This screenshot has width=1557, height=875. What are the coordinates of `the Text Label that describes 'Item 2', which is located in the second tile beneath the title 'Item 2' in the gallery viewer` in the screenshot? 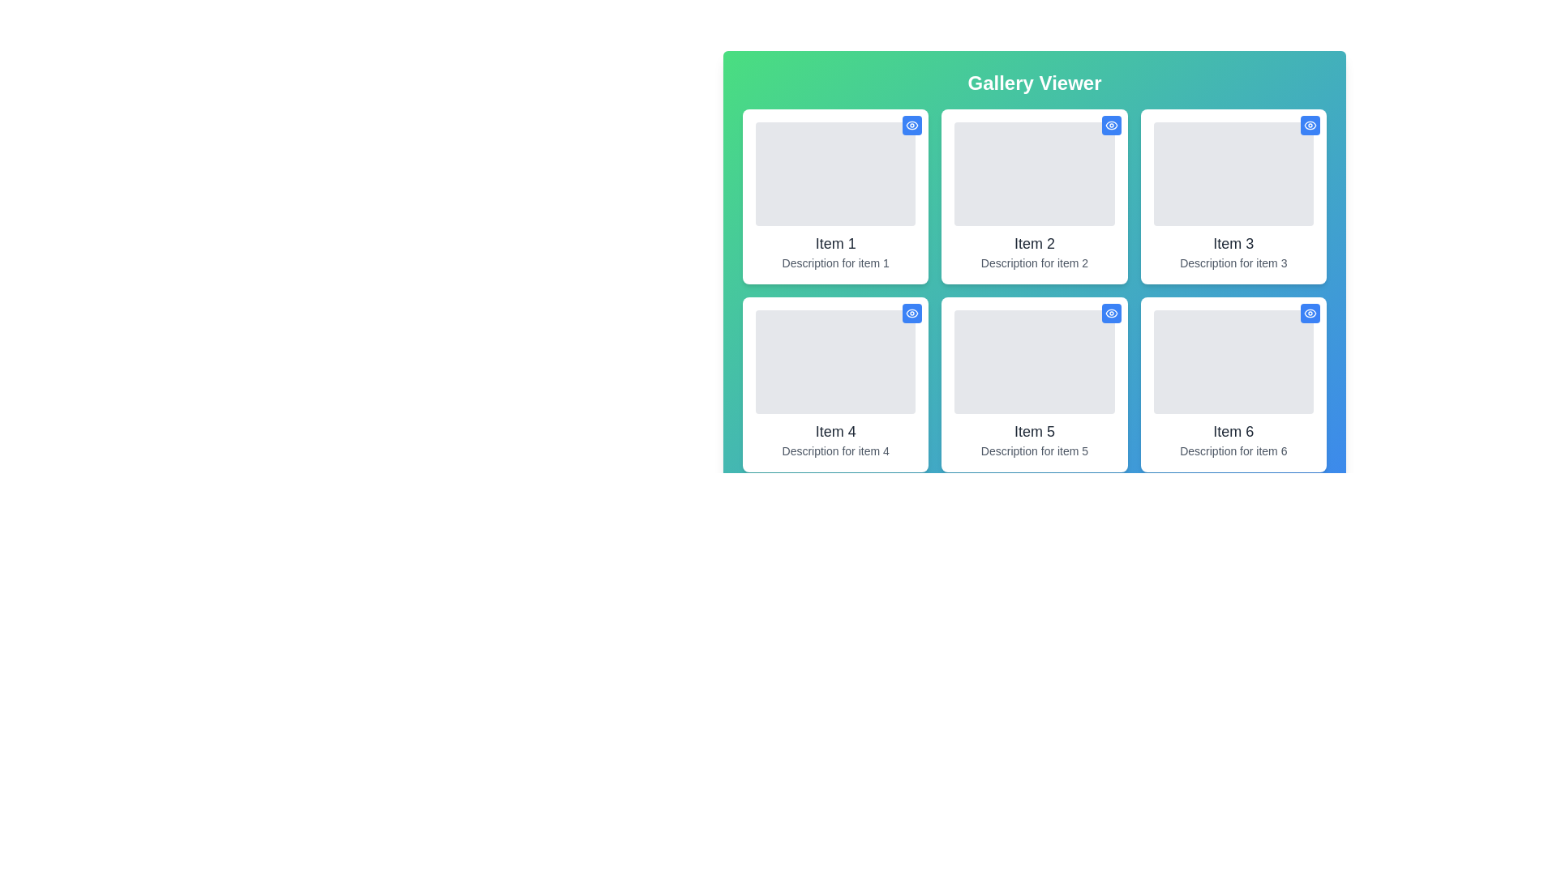 It's located at (1034, 262).